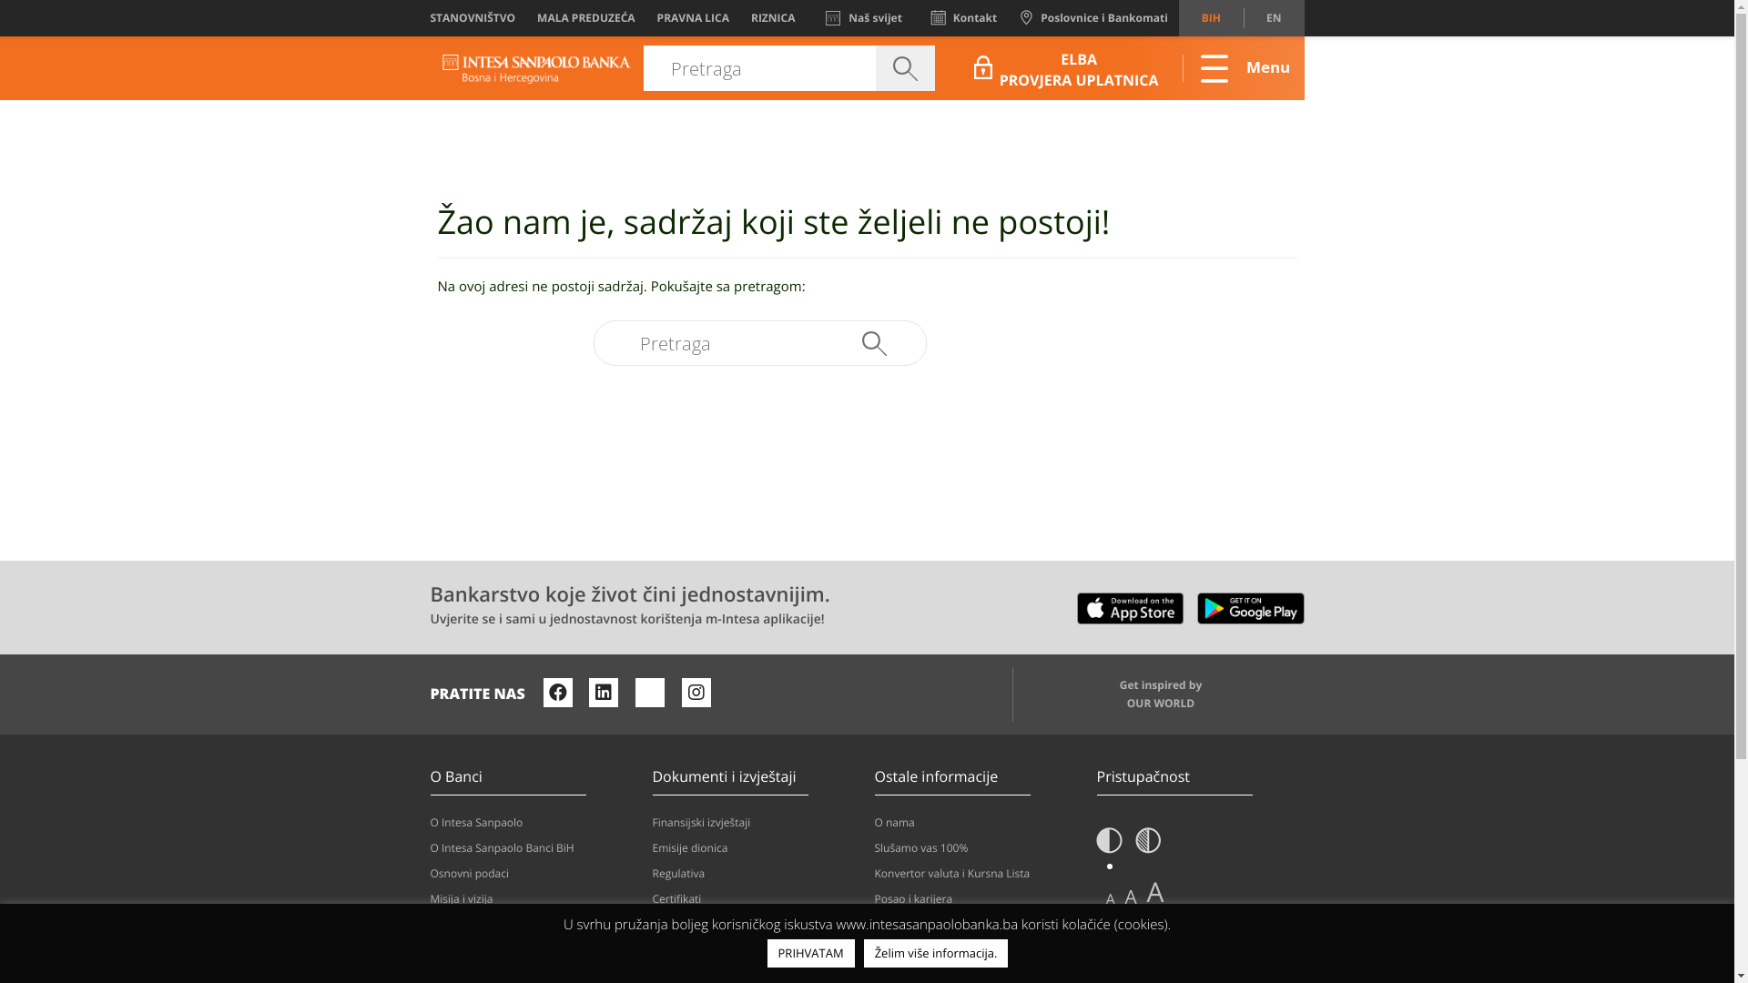  Describe the element at coordinates (532, 897) in the screenshot. I see `'Misija i vizija'` at that location.